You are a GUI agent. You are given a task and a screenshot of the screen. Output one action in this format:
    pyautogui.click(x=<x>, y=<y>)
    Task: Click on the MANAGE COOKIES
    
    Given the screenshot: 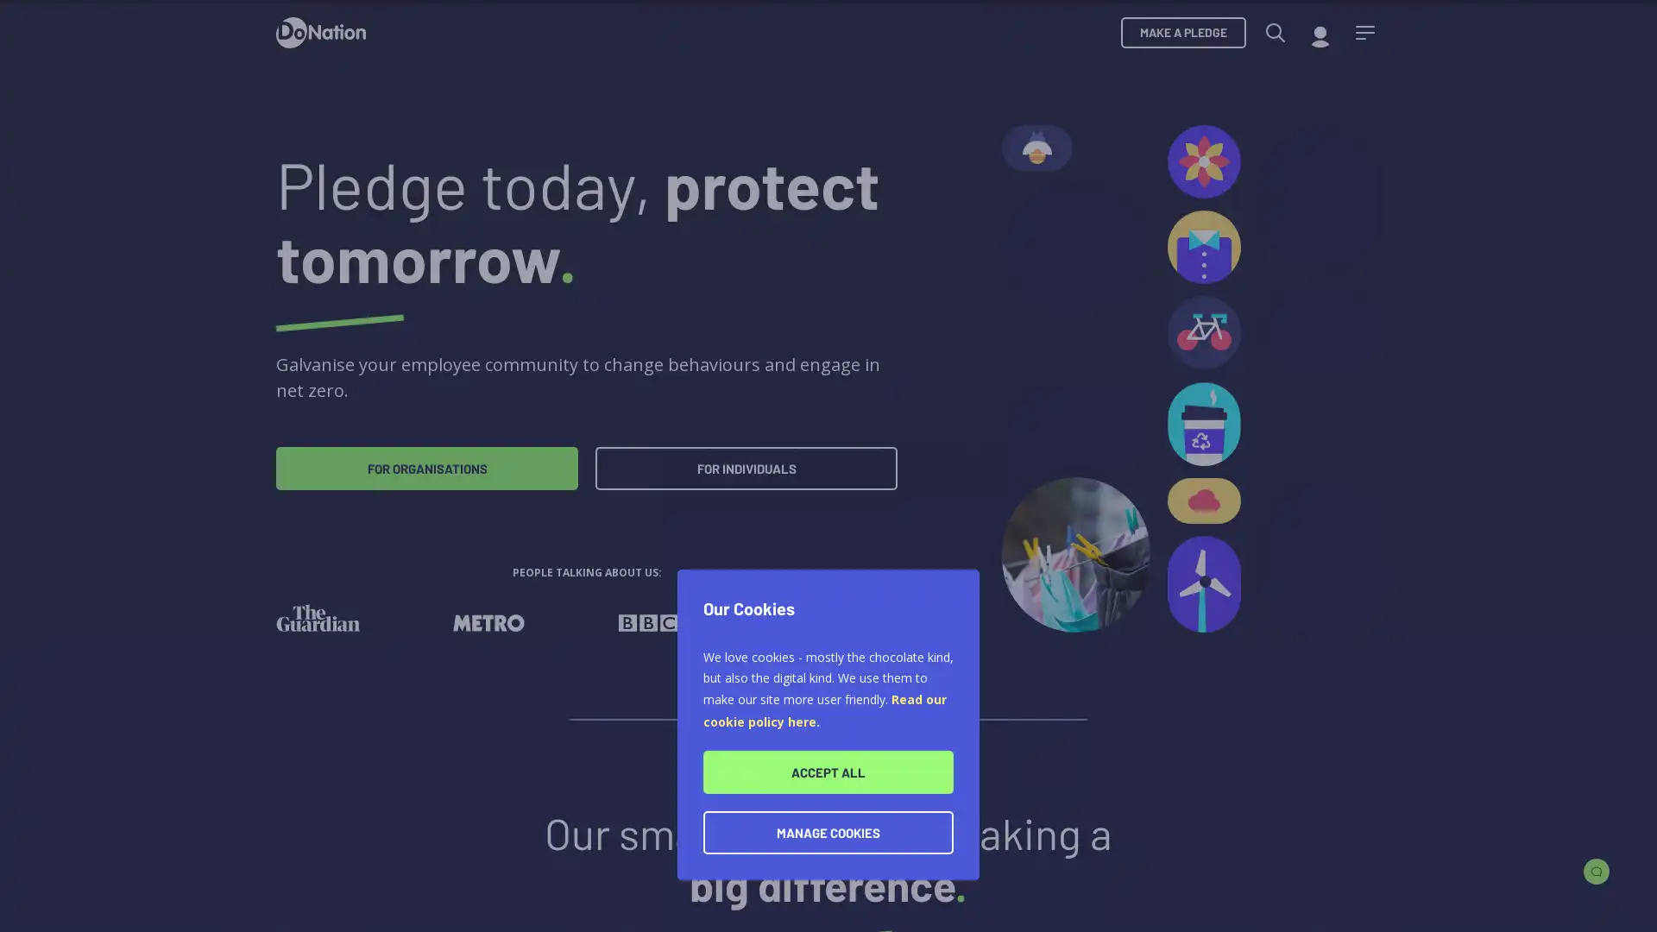 What is the action you would take?
    pyautogui.click(x=828, y=831)
    